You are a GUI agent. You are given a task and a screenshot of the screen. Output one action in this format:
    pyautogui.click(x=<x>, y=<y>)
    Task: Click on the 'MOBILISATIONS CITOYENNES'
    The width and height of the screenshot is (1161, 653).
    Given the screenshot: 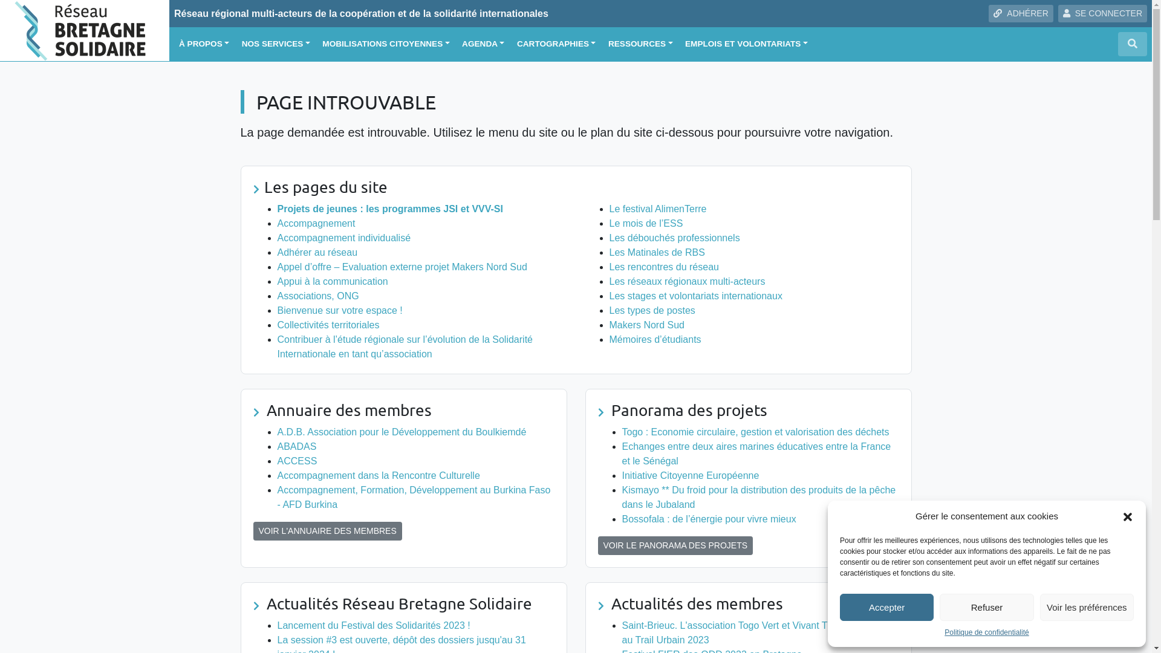 What is the action you would take?
    pyautogui.click(x=385, y=44)
    